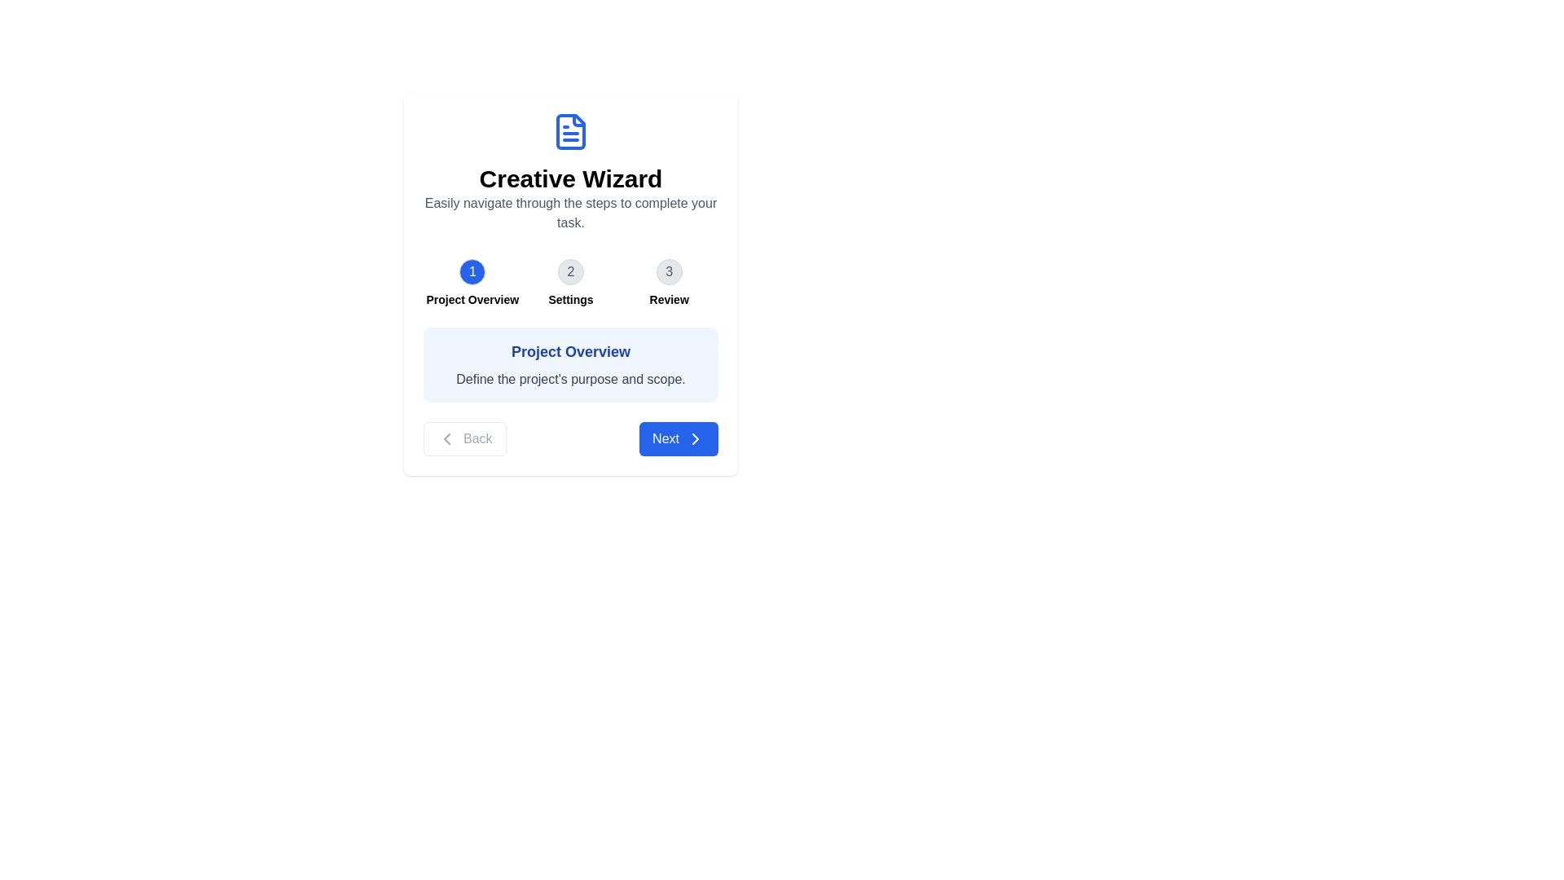  What do you see at coordinates (472, 271) in the screenshot?
I see `the circular Step indicator element with a blue background and the numeral '1' centered within it, located in the horizontal progression bar of the Project Overview` at bounding box center [472, 271].